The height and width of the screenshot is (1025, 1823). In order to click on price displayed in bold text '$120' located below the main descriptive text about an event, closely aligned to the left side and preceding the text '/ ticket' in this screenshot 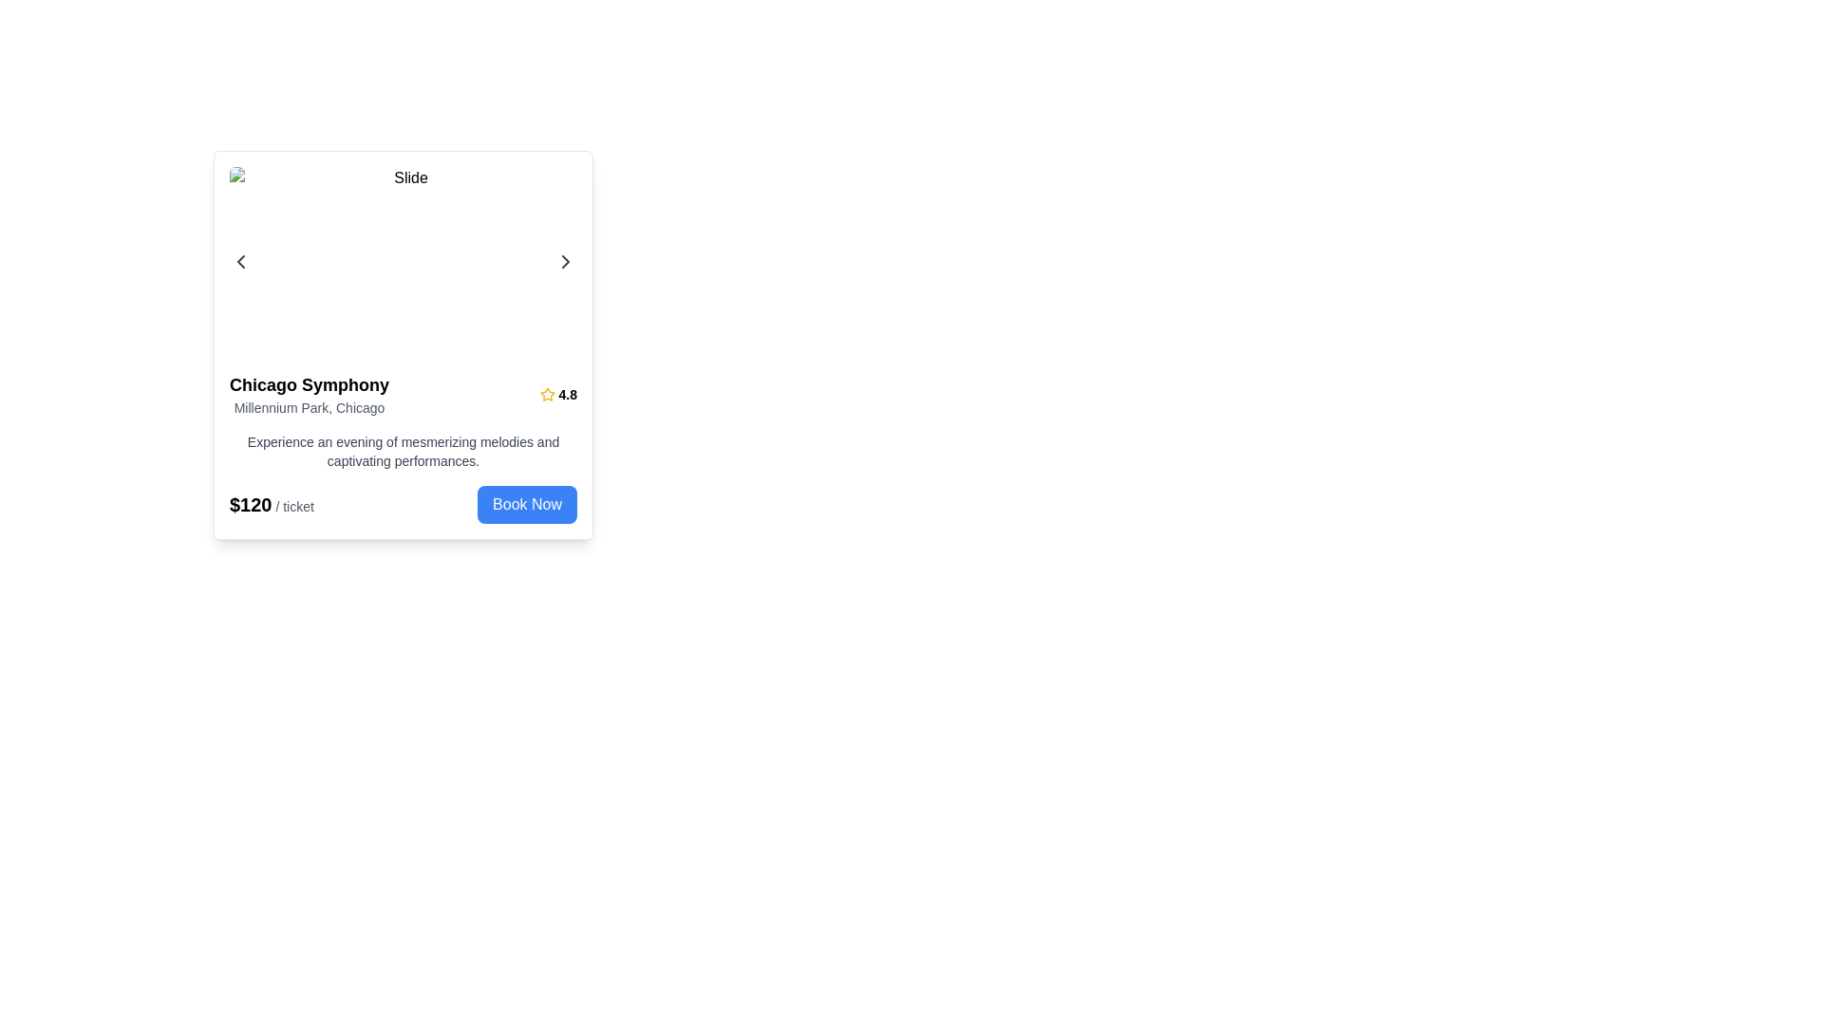, I will do `click(250, 504)`.